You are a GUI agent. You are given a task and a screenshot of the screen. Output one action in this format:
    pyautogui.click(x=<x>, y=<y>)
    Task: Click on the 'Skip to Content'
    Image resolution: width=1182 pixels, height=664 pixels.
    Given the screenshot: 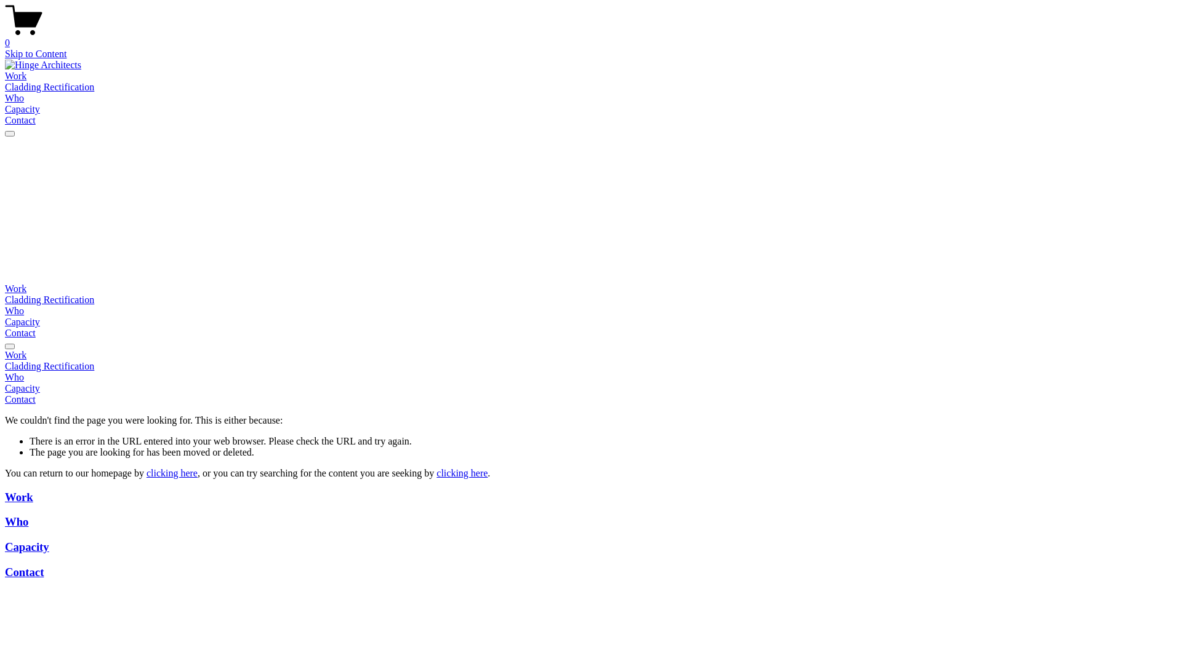 What is the action you would take?
    pyautogui.click(x=5, y=53)
    